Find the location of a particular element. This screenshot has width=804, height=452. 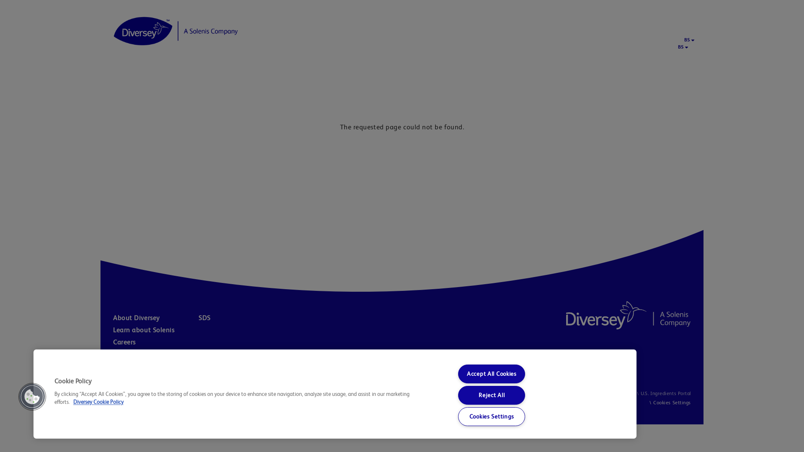

'Cookies Settings' is located at coordinates (458, 416).